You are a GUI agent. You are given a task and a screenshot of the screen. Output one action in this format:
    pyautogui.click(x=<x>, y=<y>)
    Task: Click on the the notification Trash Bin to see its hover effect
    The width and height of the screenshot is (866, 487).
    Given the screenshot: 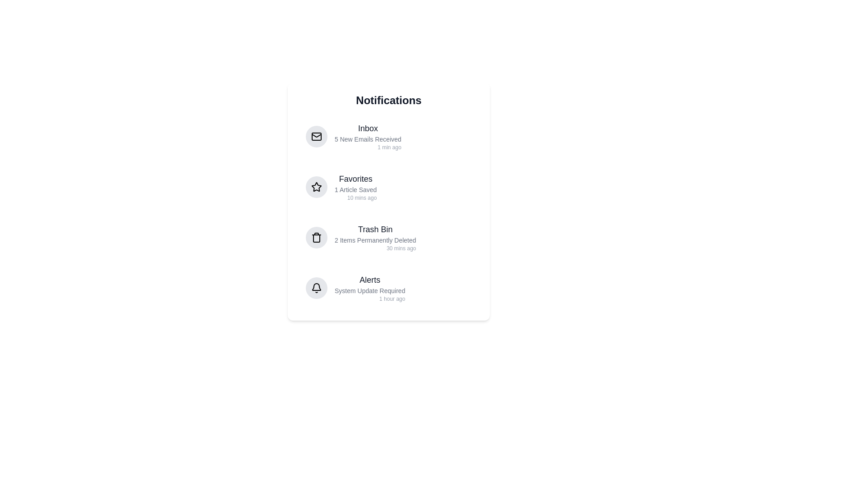 What is the action you would take?
    pyautogui.click(x=389, y=237)
    